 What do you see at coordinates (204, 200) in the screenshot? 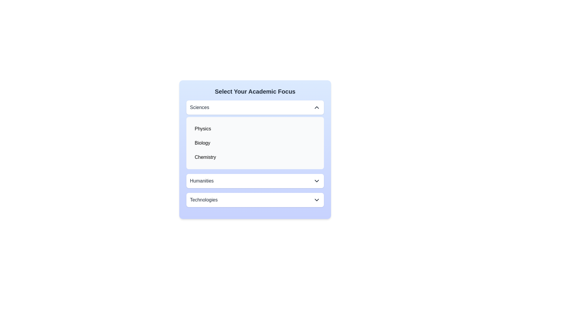
I see `the text label displaying 'Technologies', which is part of a hierarchical dropdown UI design positioned within a white-background rectangular area` at bounding box center [204, 200].